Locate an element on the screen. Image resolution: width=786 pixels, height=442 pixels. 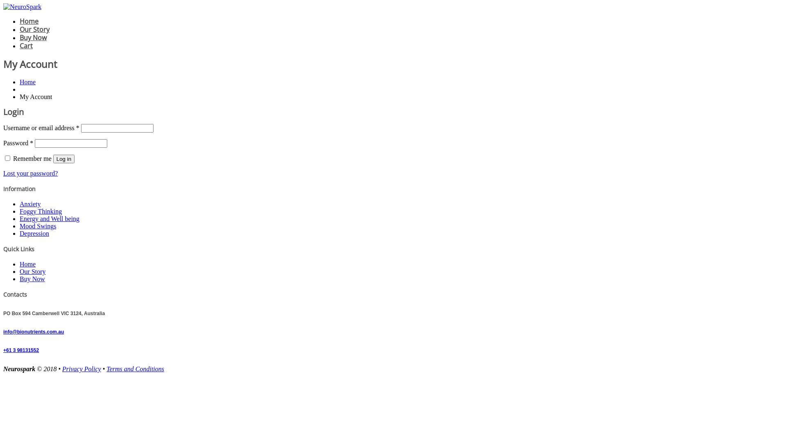
'Cart' is located at coordinates (20, 45).